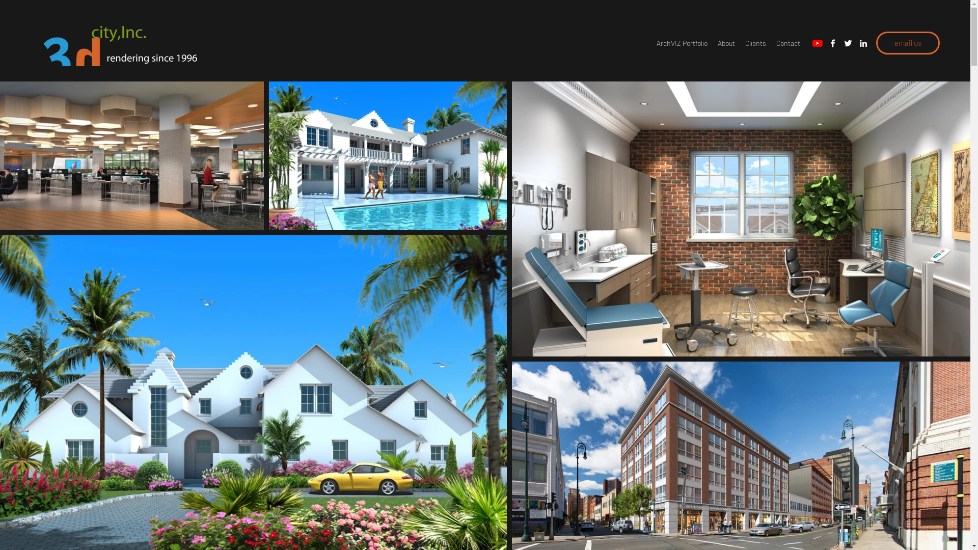 Image resolution: width=978 pixels, height=550 pixels. I want to click on 'About', so click(725, 42).